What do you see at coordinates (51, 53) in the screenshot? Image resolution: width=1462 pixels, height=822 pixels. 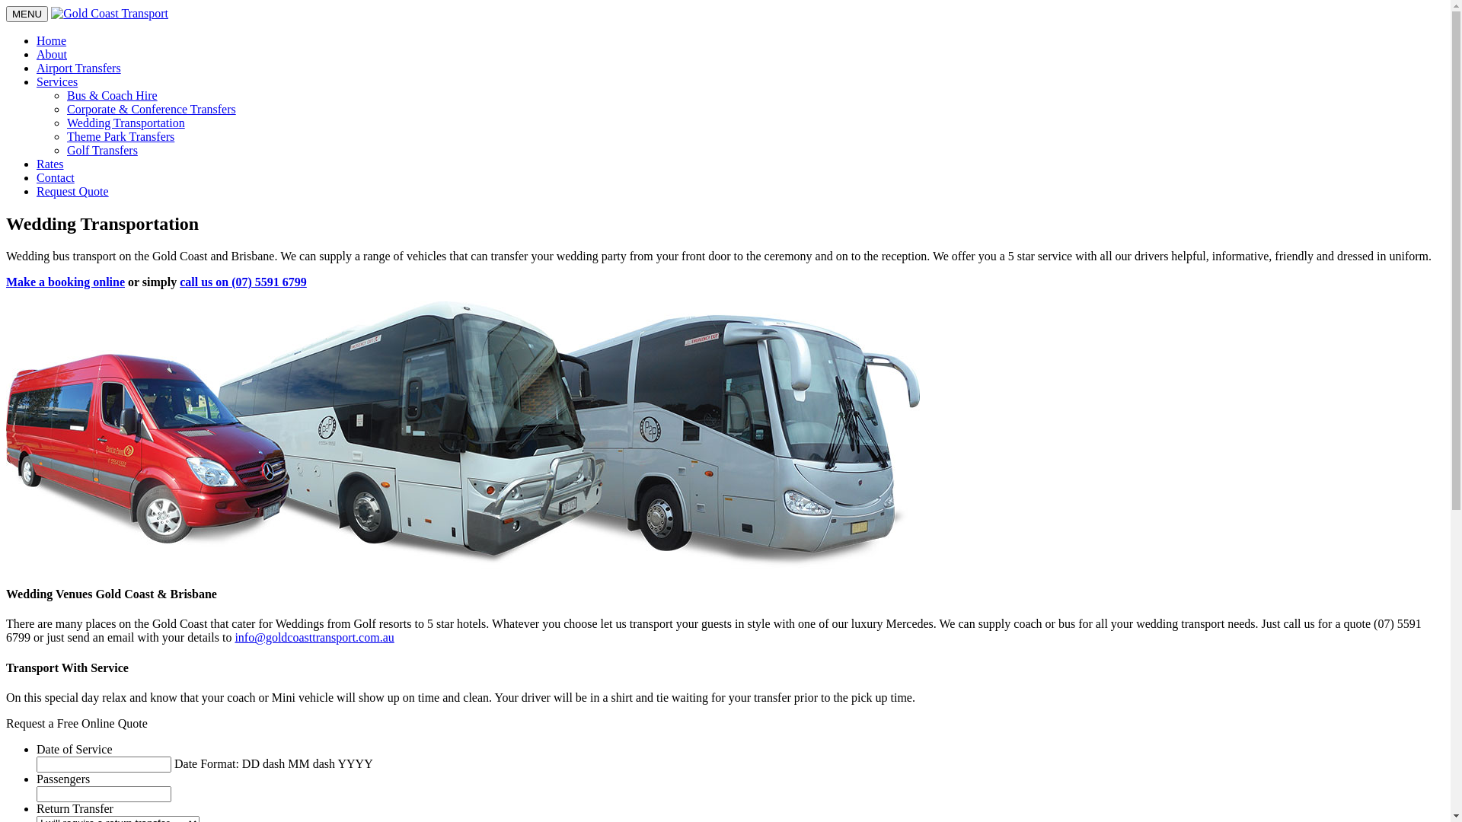 I see `'About'` at bounding box center [51, 53].